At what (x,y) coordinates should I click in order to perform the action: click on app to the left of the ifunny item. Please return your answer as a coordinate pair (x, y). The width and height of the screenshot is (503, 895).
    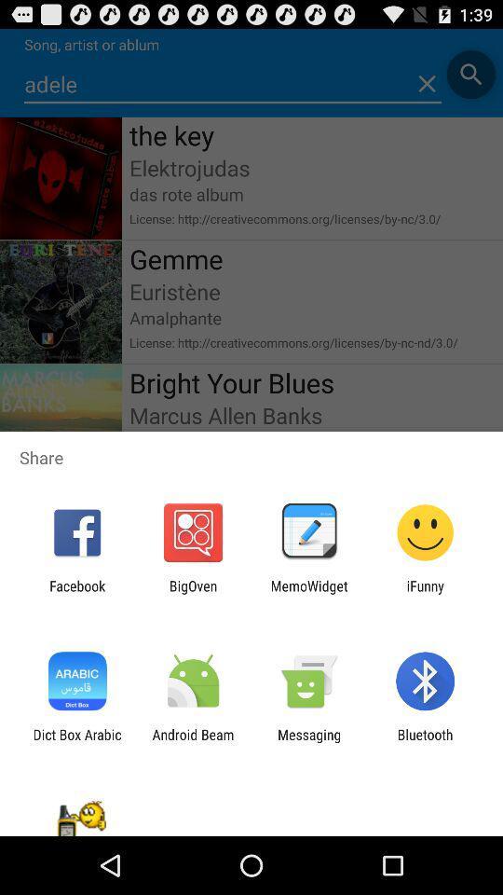
    Looking at the image, I should click on (309, 593).